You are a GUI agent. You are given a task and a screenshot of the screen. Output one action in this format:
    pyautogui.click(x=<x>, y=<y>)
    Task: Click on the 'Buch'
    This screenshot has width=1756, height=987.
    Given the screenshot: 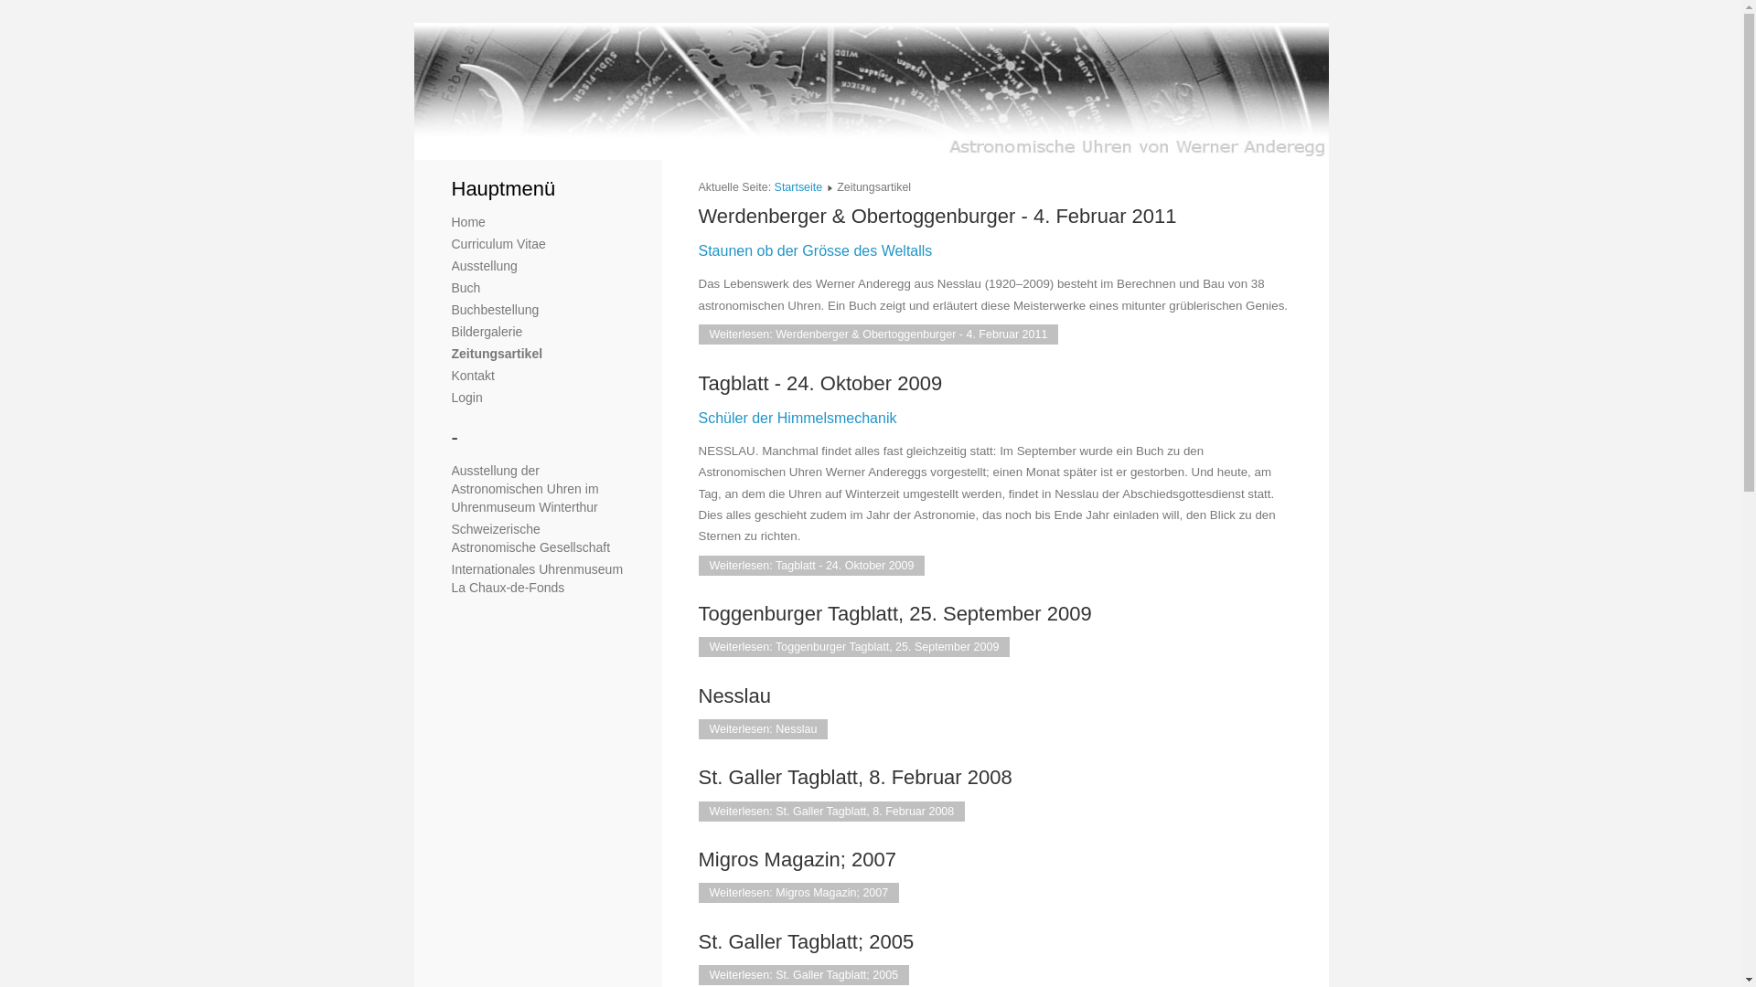 What is the action you would take?
    pyautogui.click(x=466, y=288)
    